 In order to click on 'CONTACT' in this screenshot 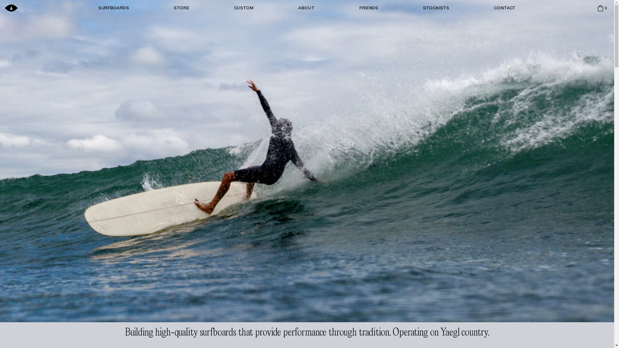, I will do `click(504, 8)`.